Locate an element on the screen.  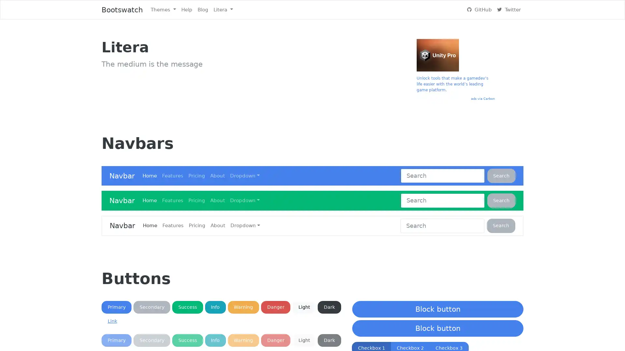
Block button is located at coordinates (437, 309).